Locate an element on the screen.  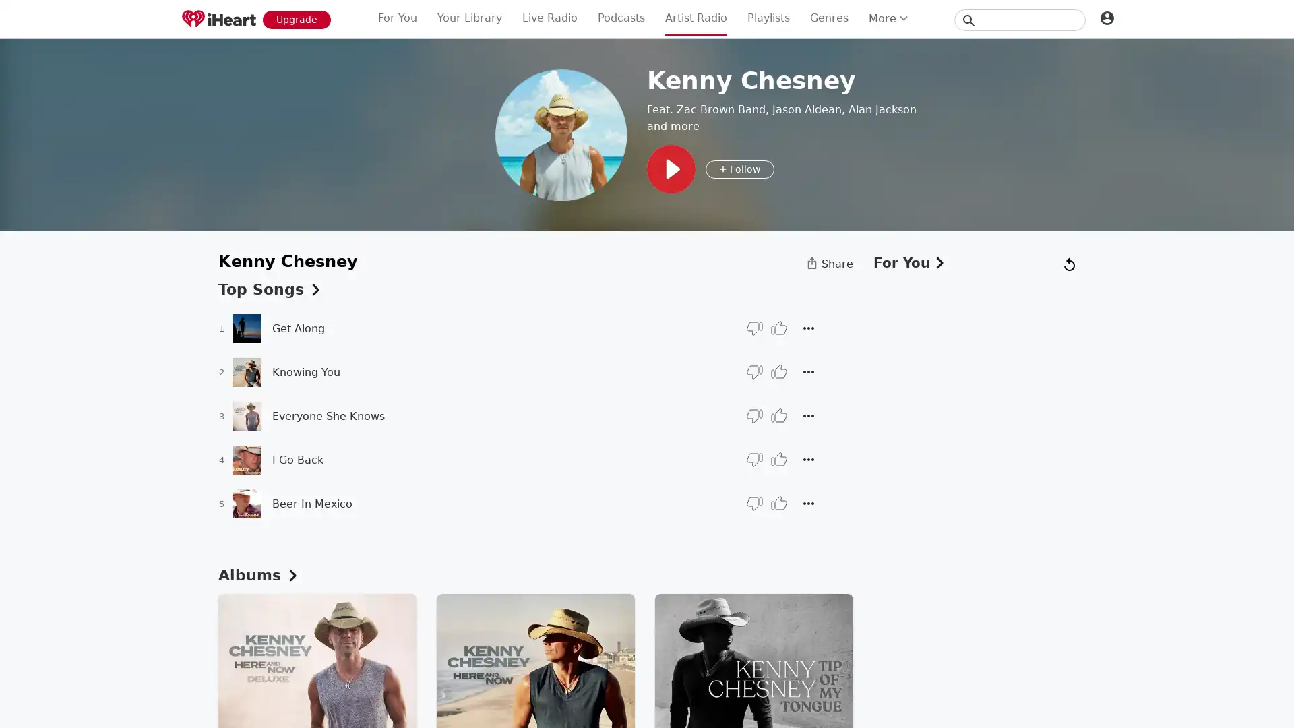
Thumb Up is located at coordinates (779, 371).